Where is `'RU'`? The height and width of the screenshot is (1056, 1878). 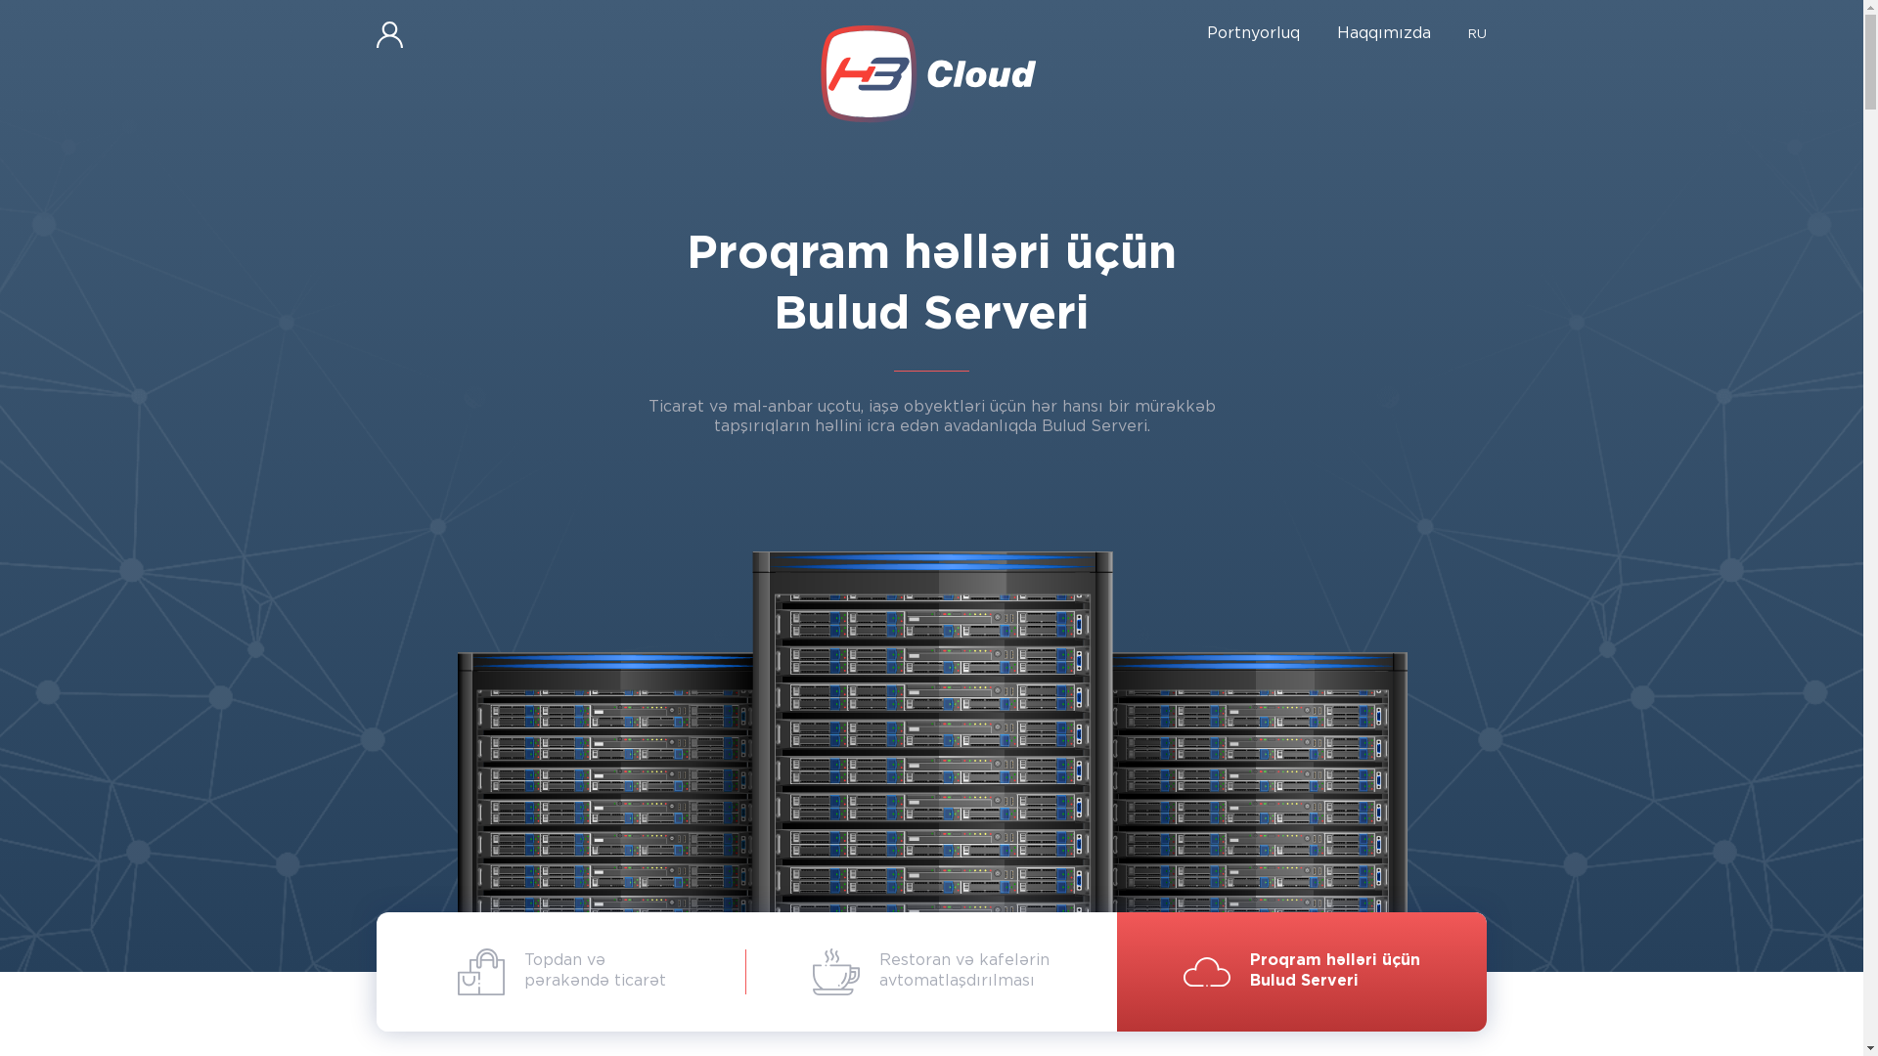 'RU' is located at coordinates (1477, 35).